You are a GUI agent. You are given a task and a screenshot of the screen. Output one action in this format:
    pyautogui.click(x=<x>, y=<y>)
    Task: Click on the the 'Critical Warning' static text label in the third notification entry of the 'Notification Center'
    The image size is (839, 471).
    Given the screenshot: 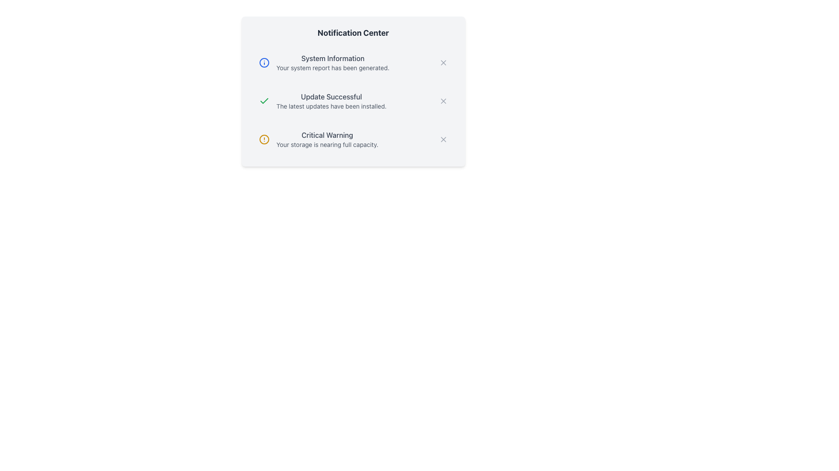 What is the action you would take?
    pyautogui.click(x=327, y=135)
    